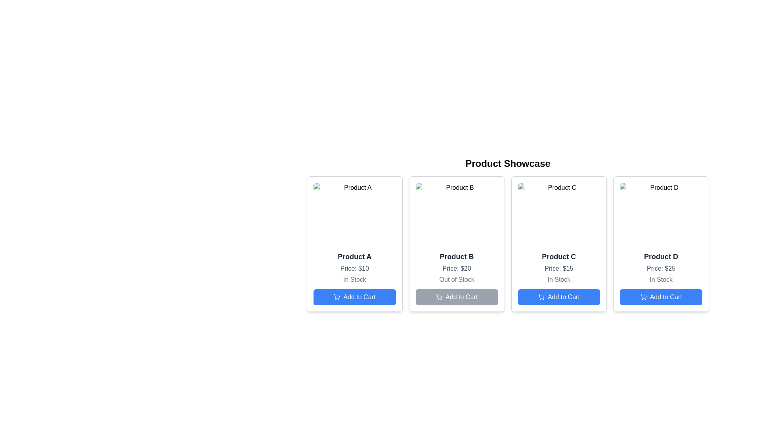  Describe the element at coordinates (457, 215) in the screenshot. I see `the image component that serves as a placeholder for 'Product B', located at the top of the card for further details` at that location.